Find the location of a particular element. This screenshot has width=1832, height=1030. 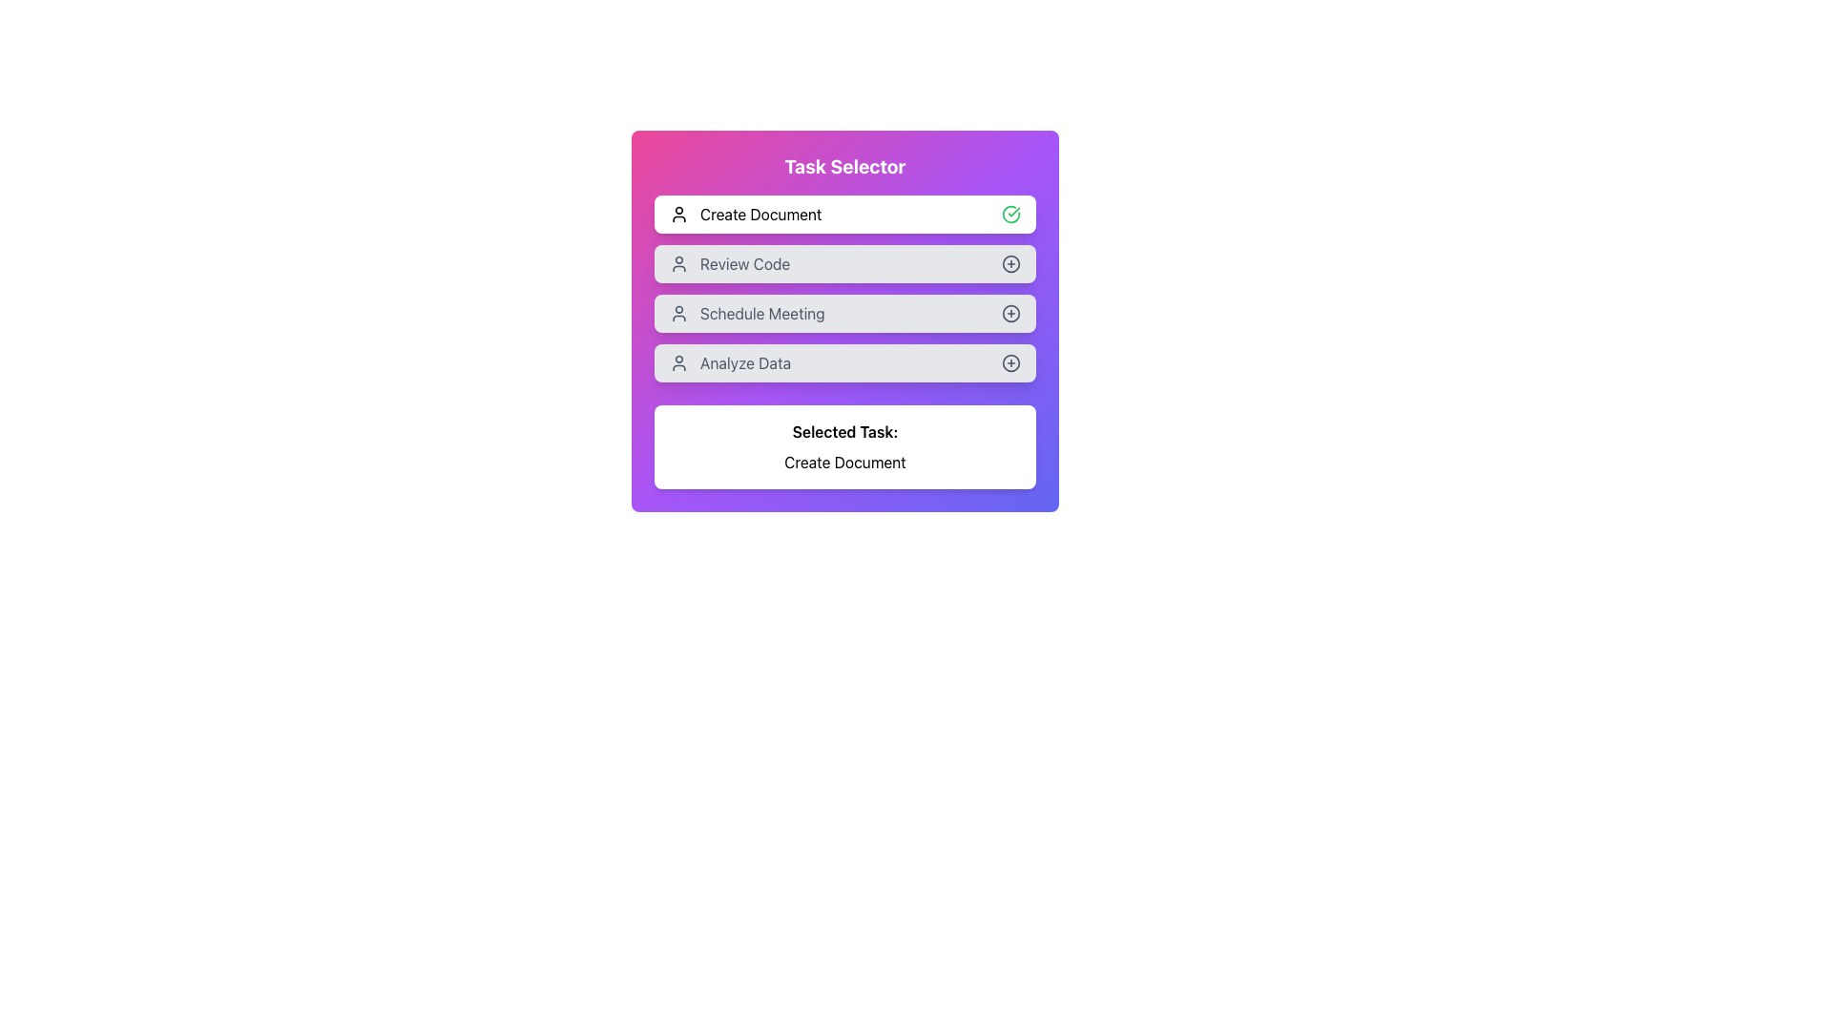

the small, black outline user icon located at the top left of the first row within the interactive card labeled 'Create Document' is located at coordinates (678, 214).